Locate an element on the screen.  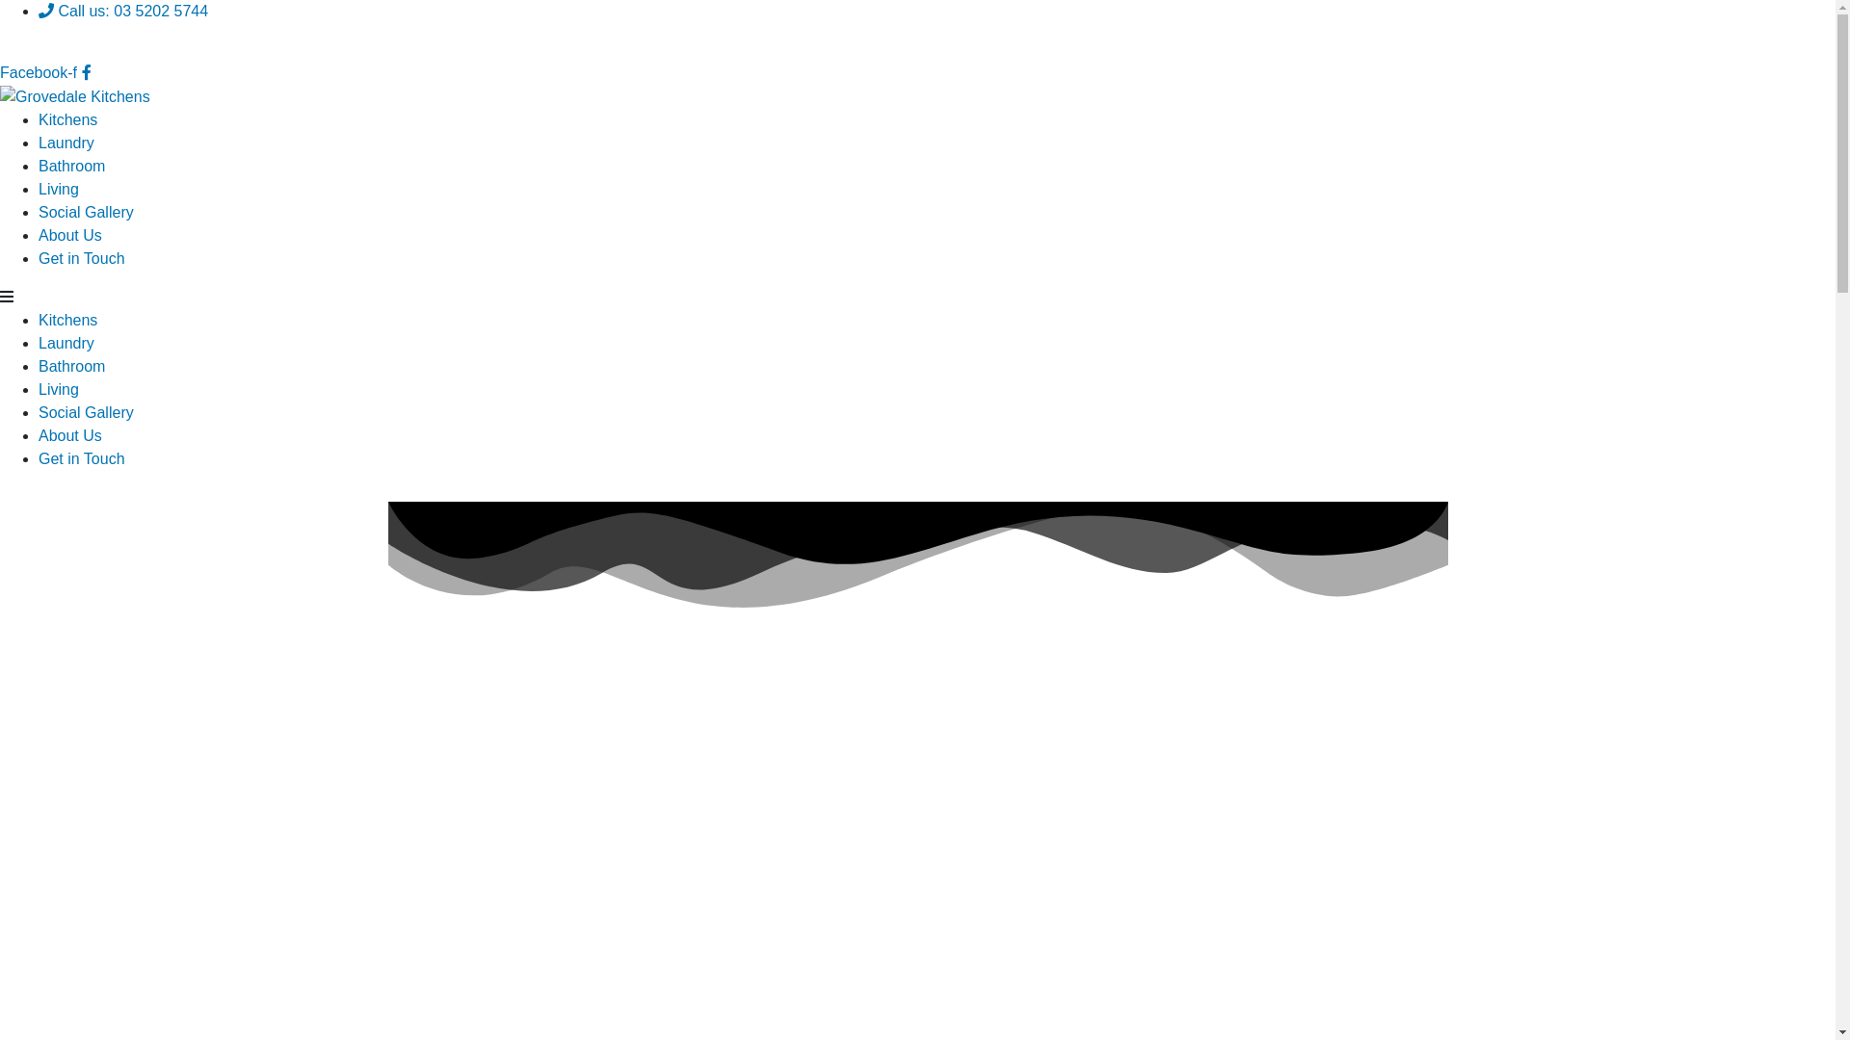
'Laundry' is located at coordinates (66, 342).